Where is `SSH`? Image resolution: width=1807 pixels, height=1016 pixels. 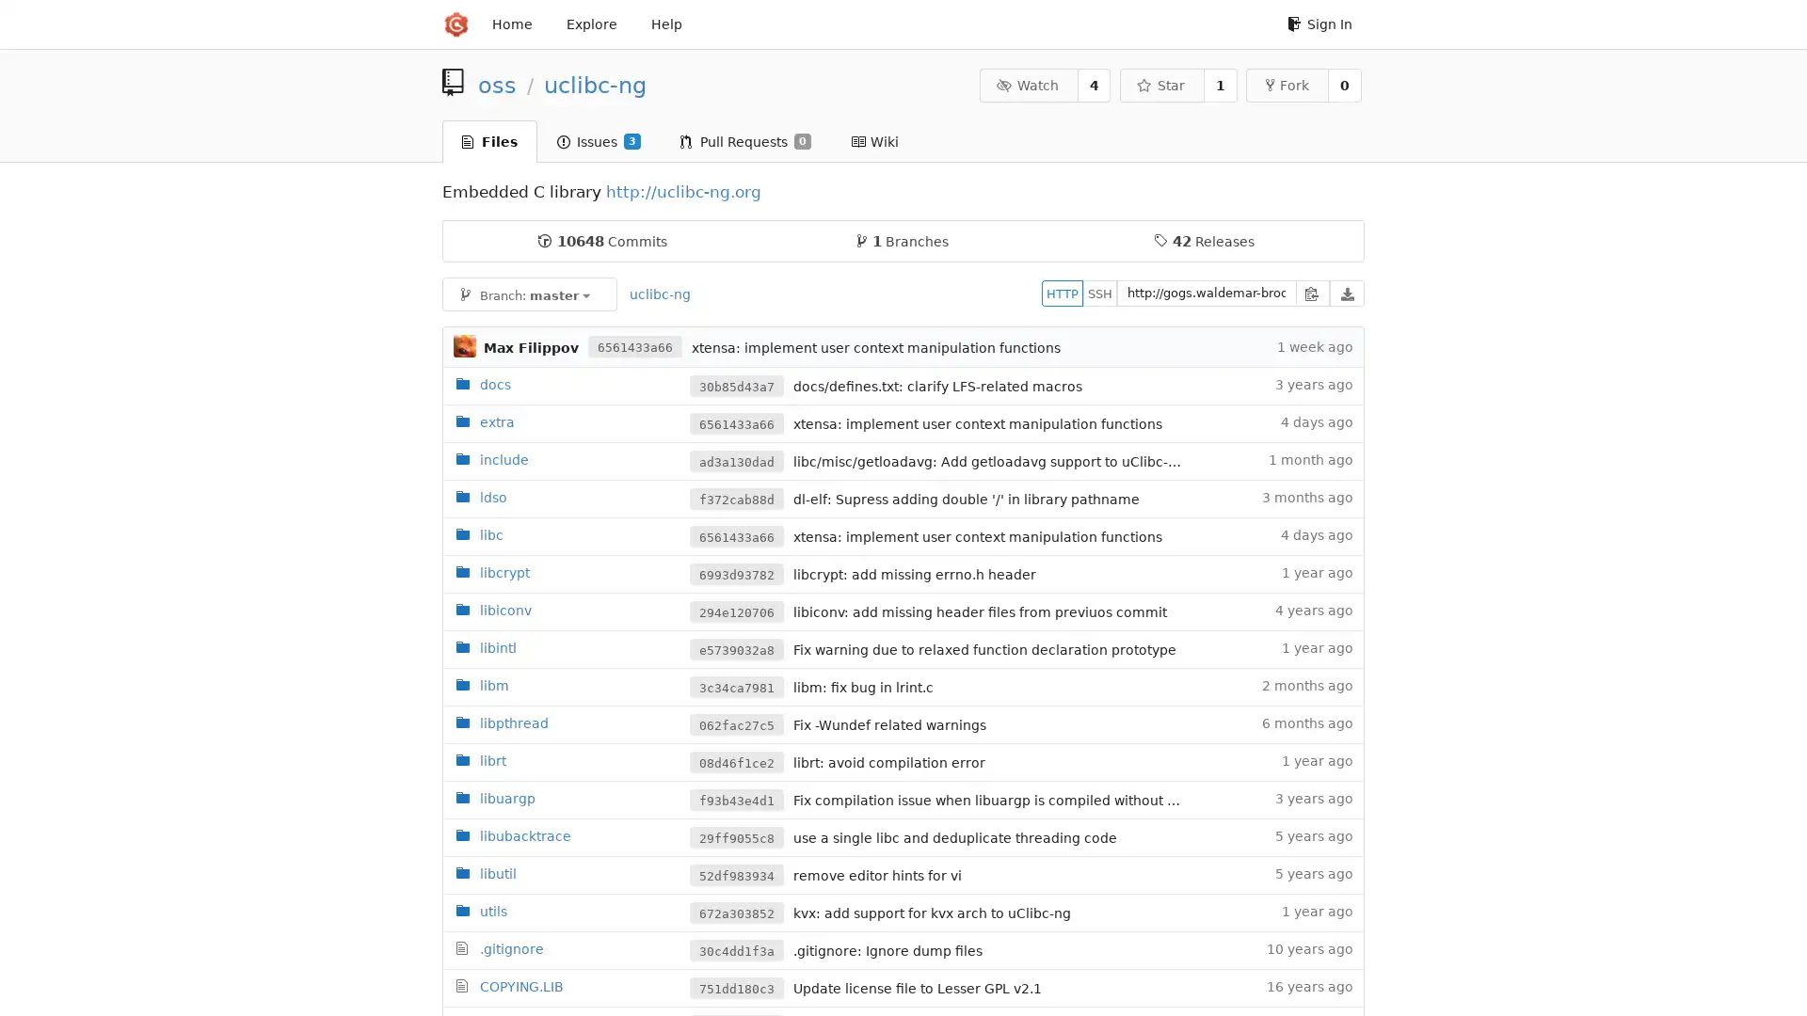
SSH is located at coordinates (1100, 293).